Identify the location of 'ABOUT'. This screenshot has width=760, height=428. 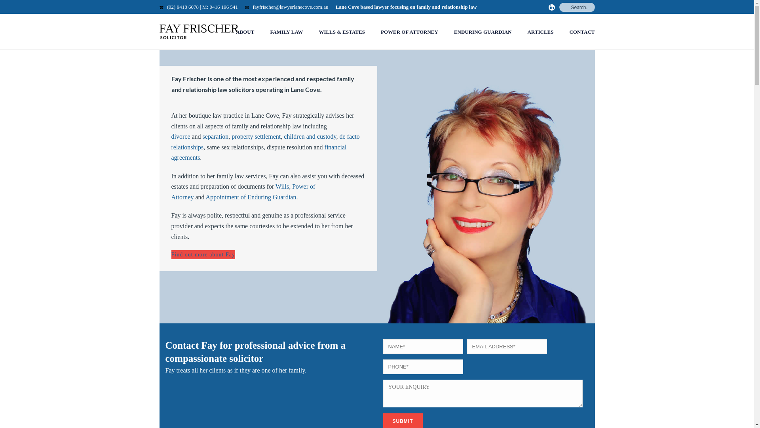
(228, 32).